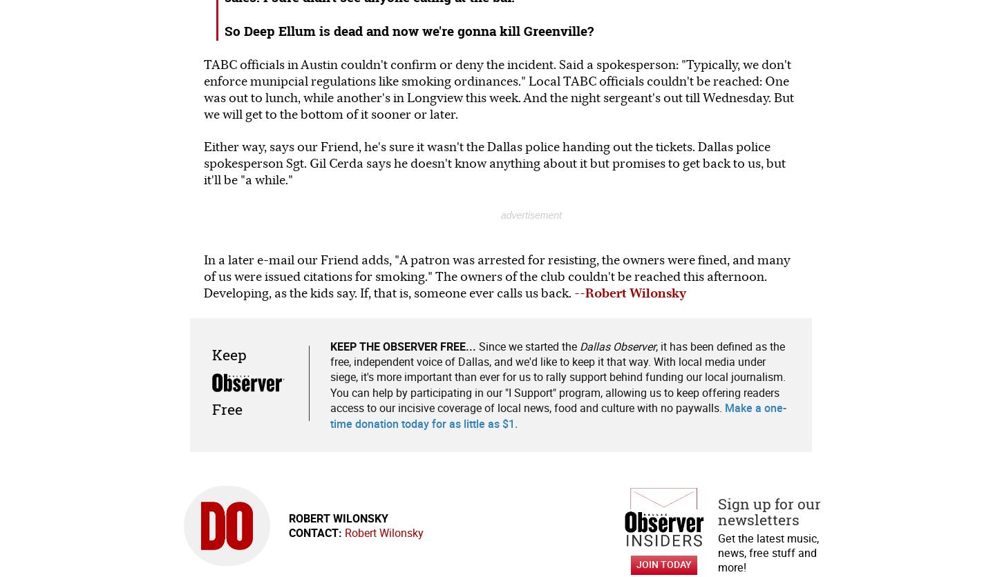 This screenshot has width=1002, height=577. Describe the element at coordinates (211, 354) in the screenshot. I see `'Keep'` at that location.